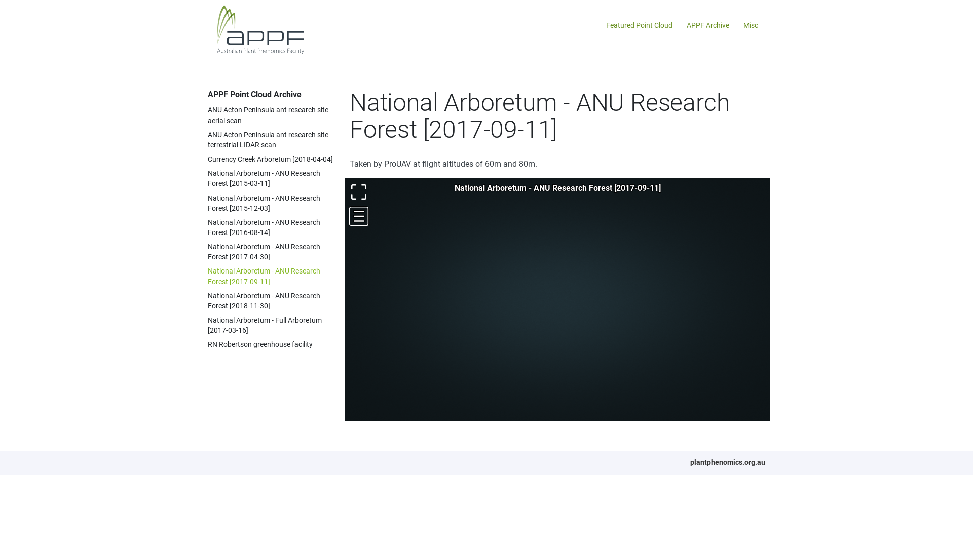  Describe the element at coordinates (264, 227) in the screenshot. I see `'National Arboretum - ANU Research Forest [2016-08-14]'` at that location.